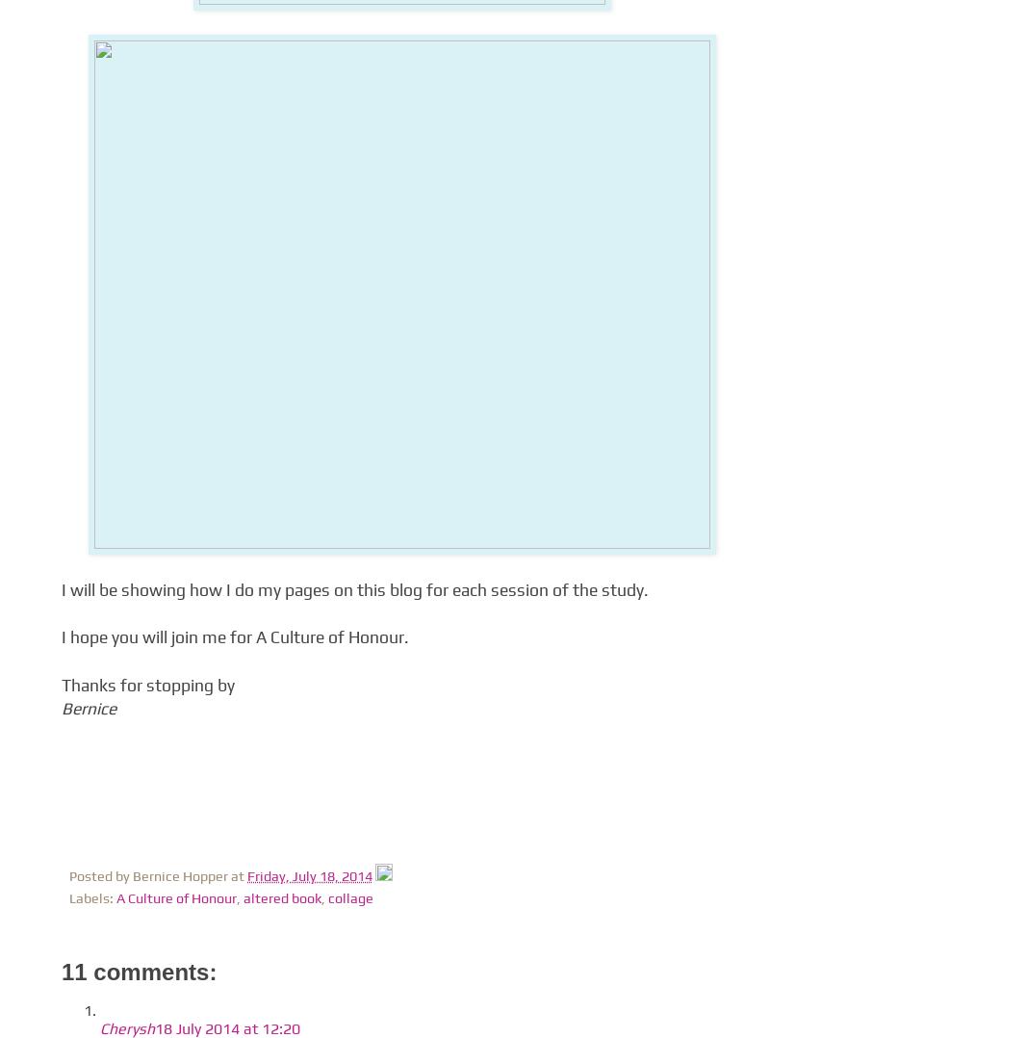 This screenshot has width=1027, height=1038. What do you see at coordinates (88, 708) in the screenshot?
I see `'Bernice'` at bounding box center [88, 708].